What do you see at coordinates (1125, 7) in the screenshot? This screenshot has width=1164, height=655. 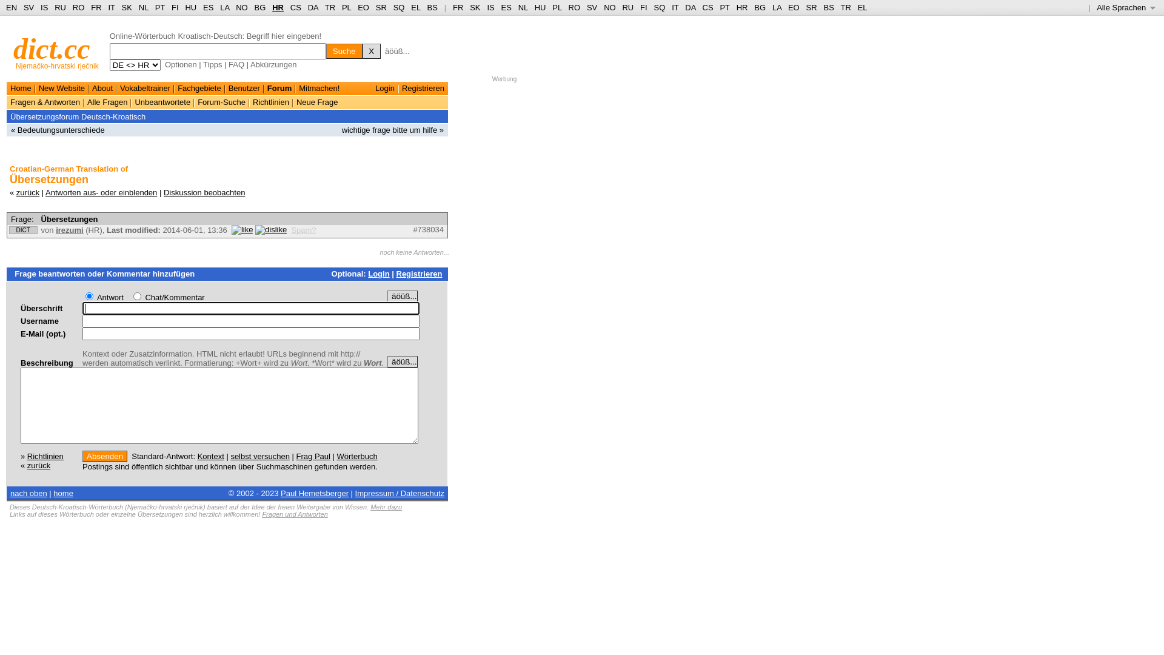 I see `'Alle Sprachen '` at bounding box center [1125, 7].